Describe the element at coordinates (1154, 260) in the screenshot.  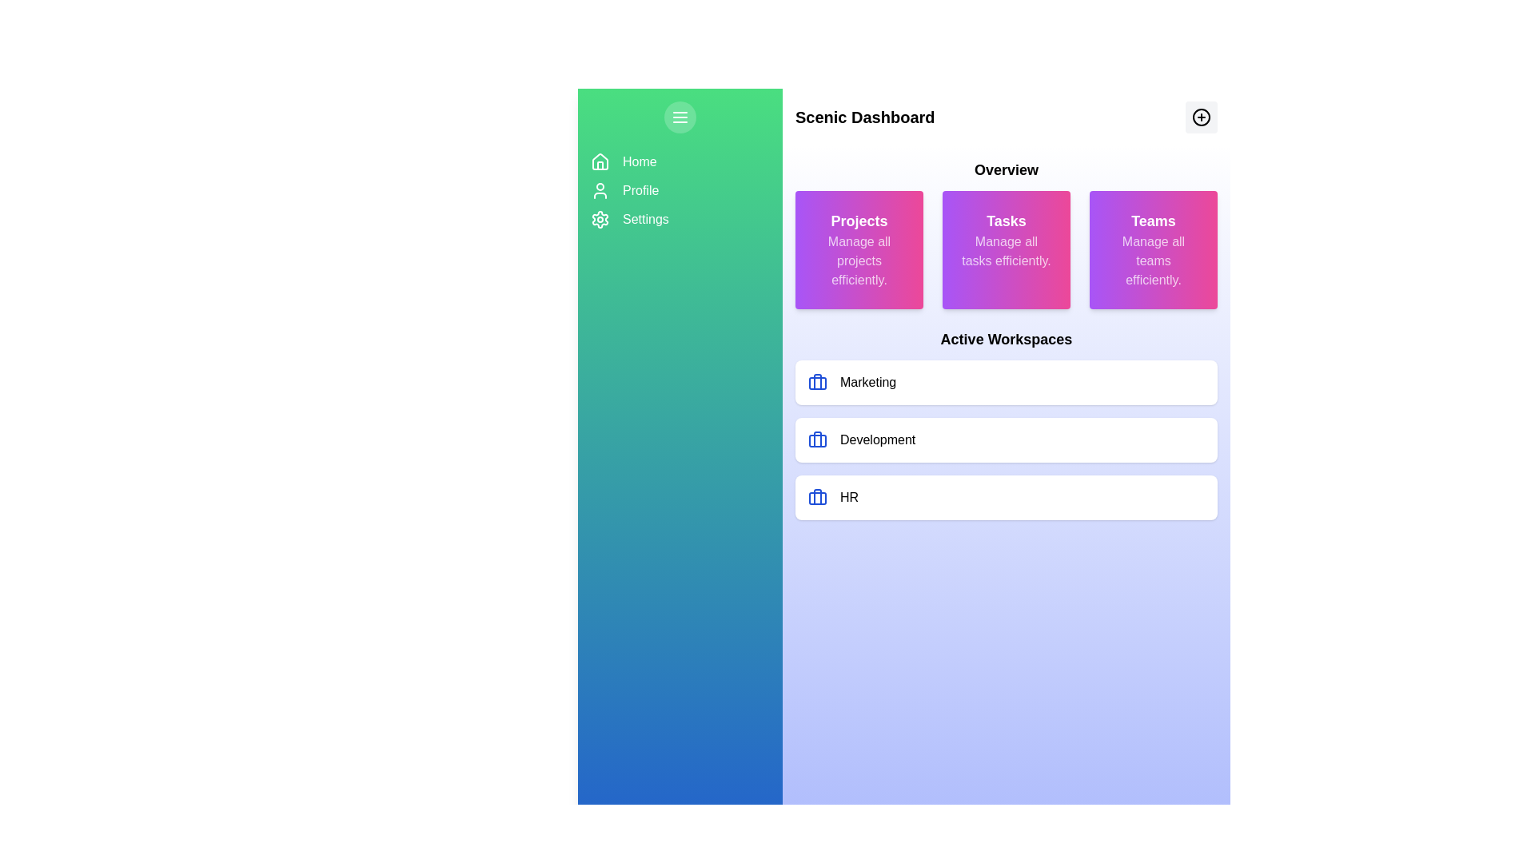
I see `the text block that reads 'Manage all teams efficiently.' with a white font, located at the bottom of the 'Teams' card in the 'Overview' section` at that location.